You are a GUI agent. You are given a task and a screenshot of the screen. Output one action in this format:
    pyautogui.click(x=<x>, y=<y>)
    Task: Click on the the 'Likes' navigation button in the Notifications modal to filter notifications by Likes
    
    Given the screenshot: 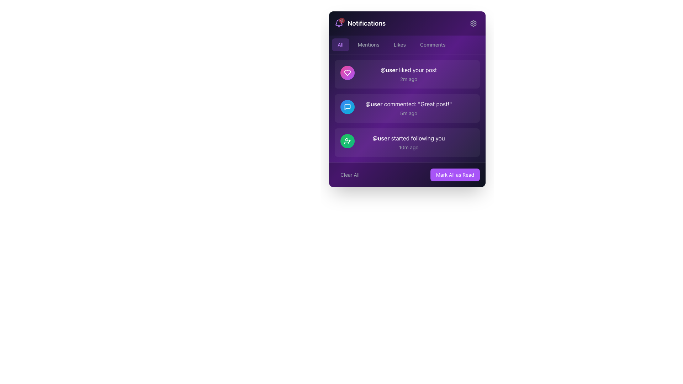 What is the action you would take?
    pyautogui.click(x=399, y=45)
    